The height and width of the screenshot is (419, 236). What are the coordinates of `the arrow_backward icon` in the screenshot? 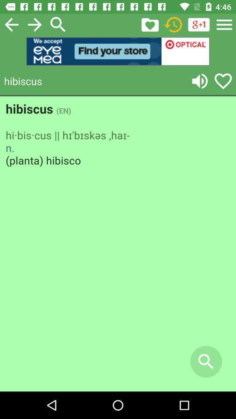 It's located at (11, 24).